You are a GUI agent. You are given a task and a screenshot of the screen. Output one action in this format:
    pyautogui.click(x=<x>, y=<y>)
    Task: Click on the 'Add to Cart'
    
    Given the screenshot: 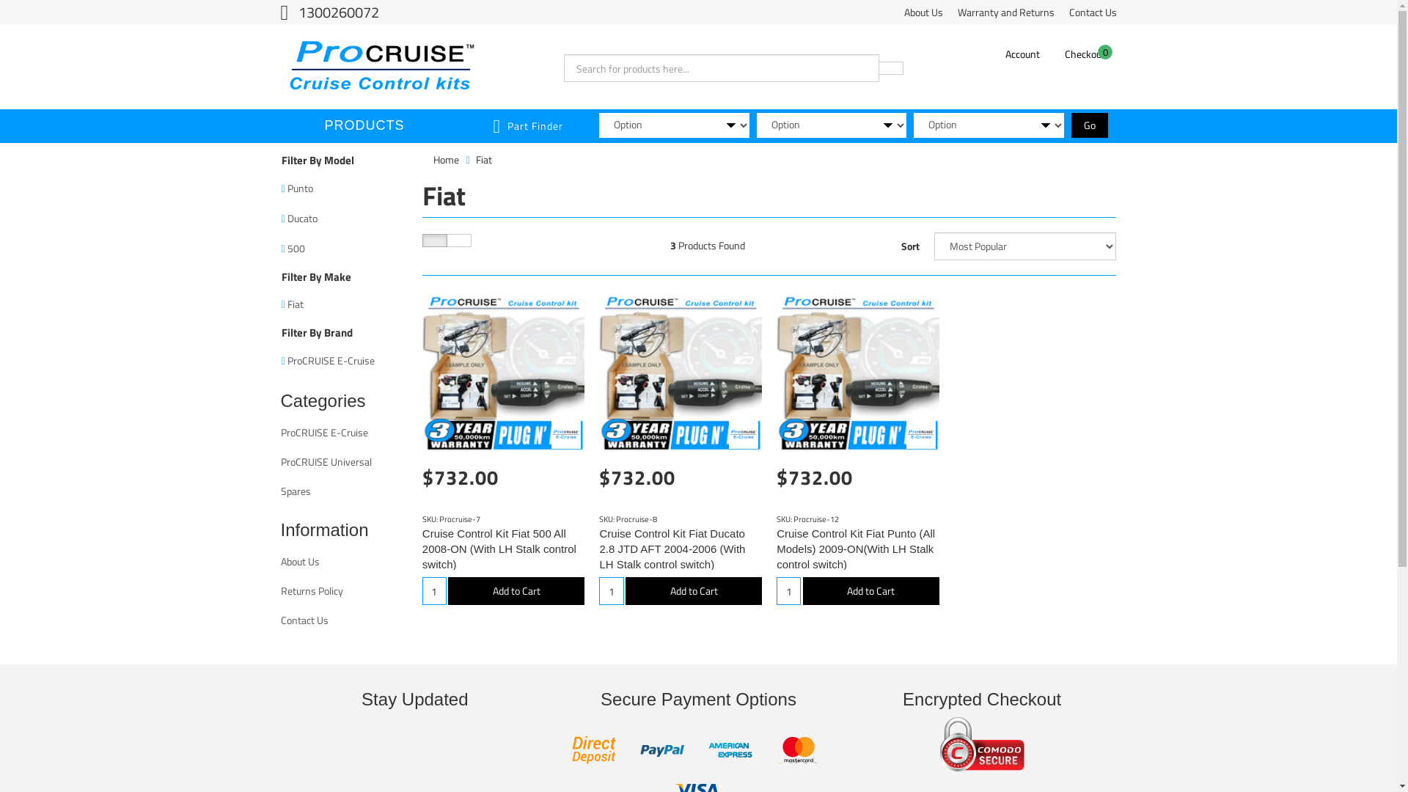 What is the action you would take?
    pyautogui.click(x=516, y=590)
    